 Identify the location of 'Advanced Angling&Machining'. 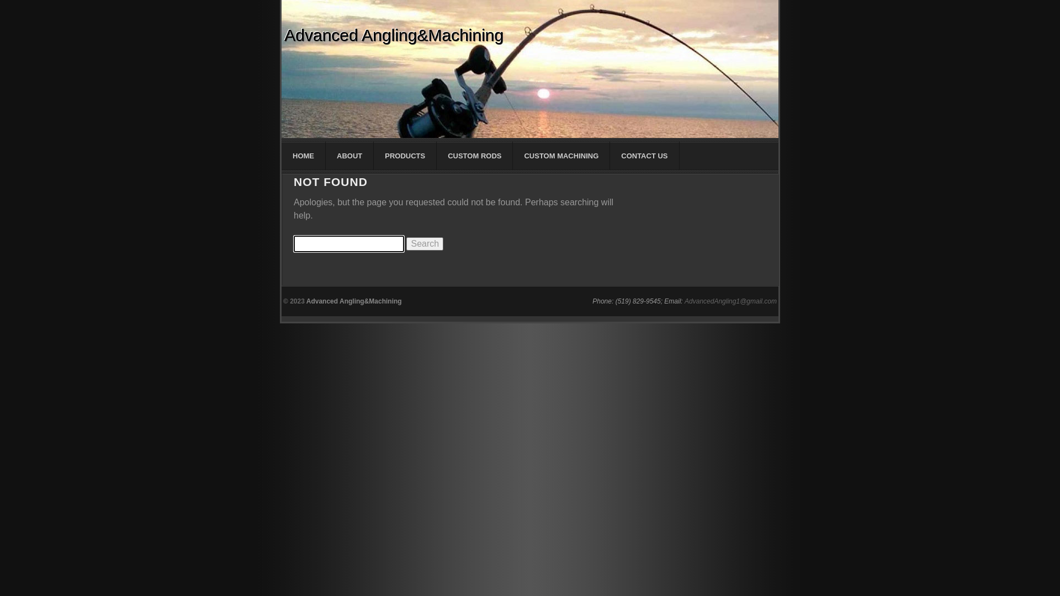
(354, 301).